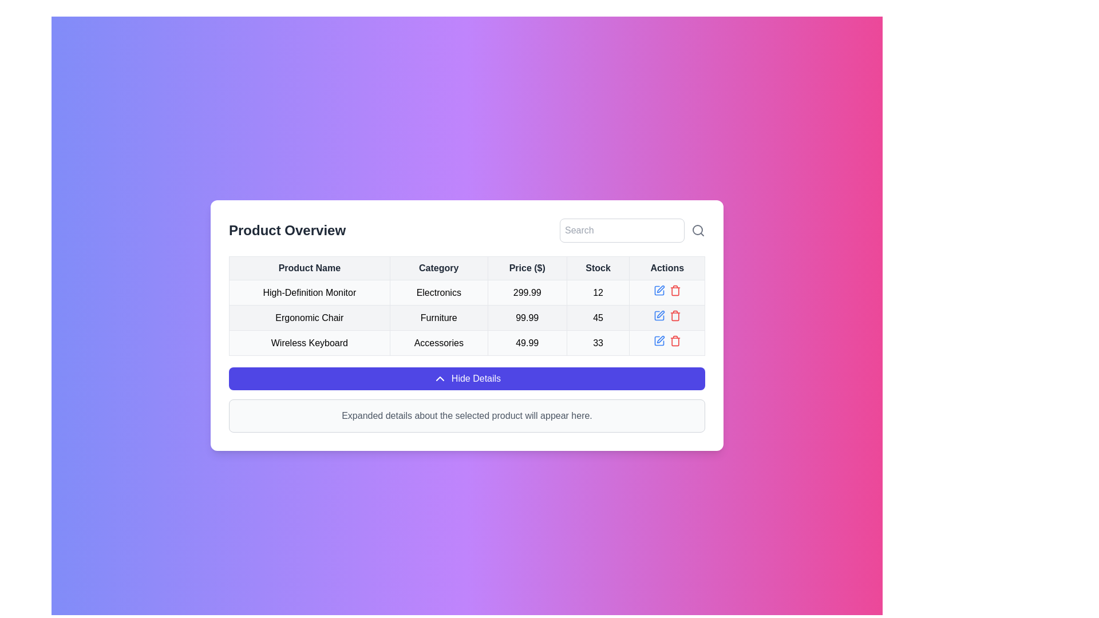 This screenshot has width=1099, height=618. Describe the element at coordinates (675, 340) in the screenshot. I see `the trash bin icon button in the 'Actions' column corresponding to the 'Wireless Keyboard' product entry to trigger the color change effect` at that location.